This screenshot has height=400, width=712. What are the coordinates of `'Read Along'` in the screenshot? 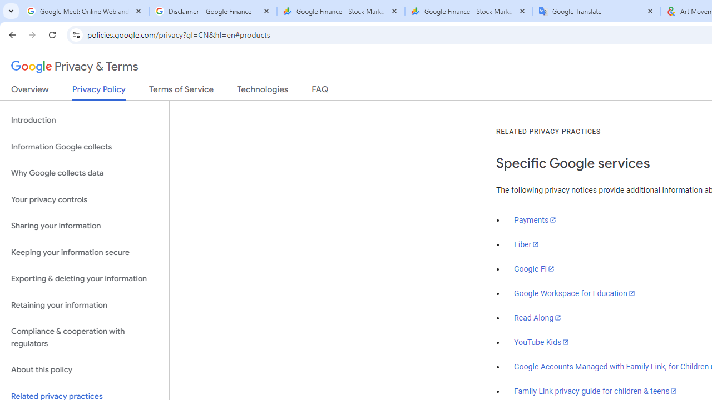 It's located at (538, 318).